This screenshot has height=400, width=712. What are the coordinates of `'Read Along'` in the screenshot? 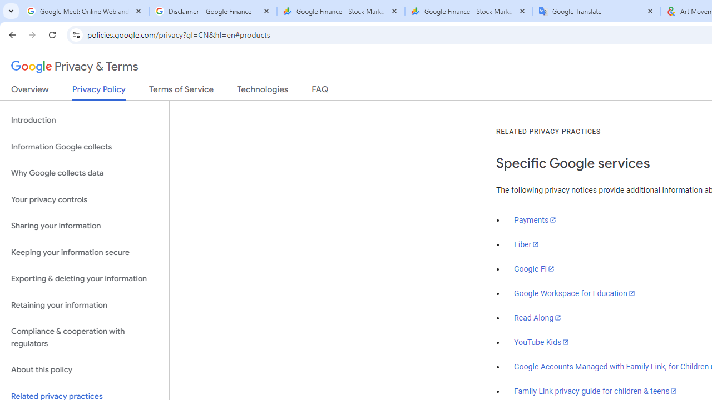 It's located at (538, 318).